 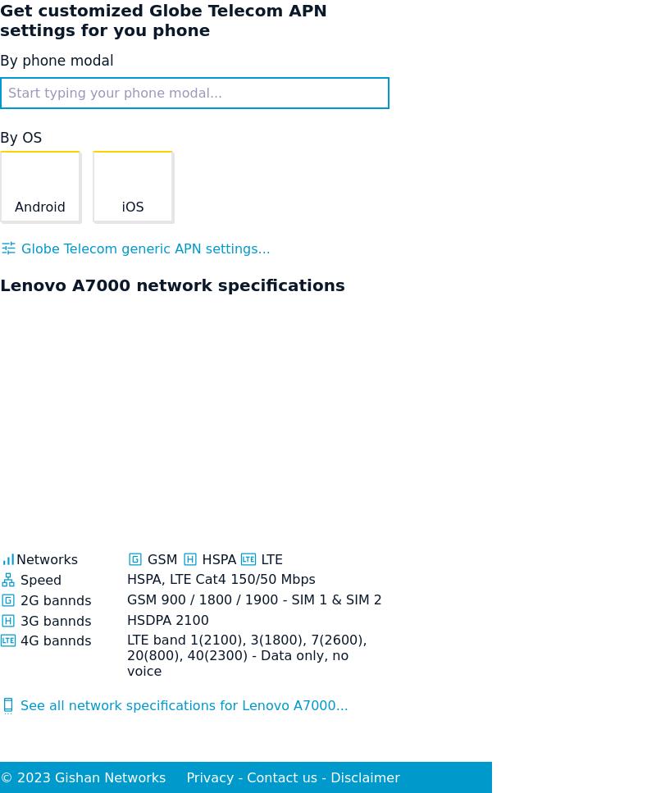 I want to click on 'Lenovo A7000 network specifications', so click(x=172, y=285).